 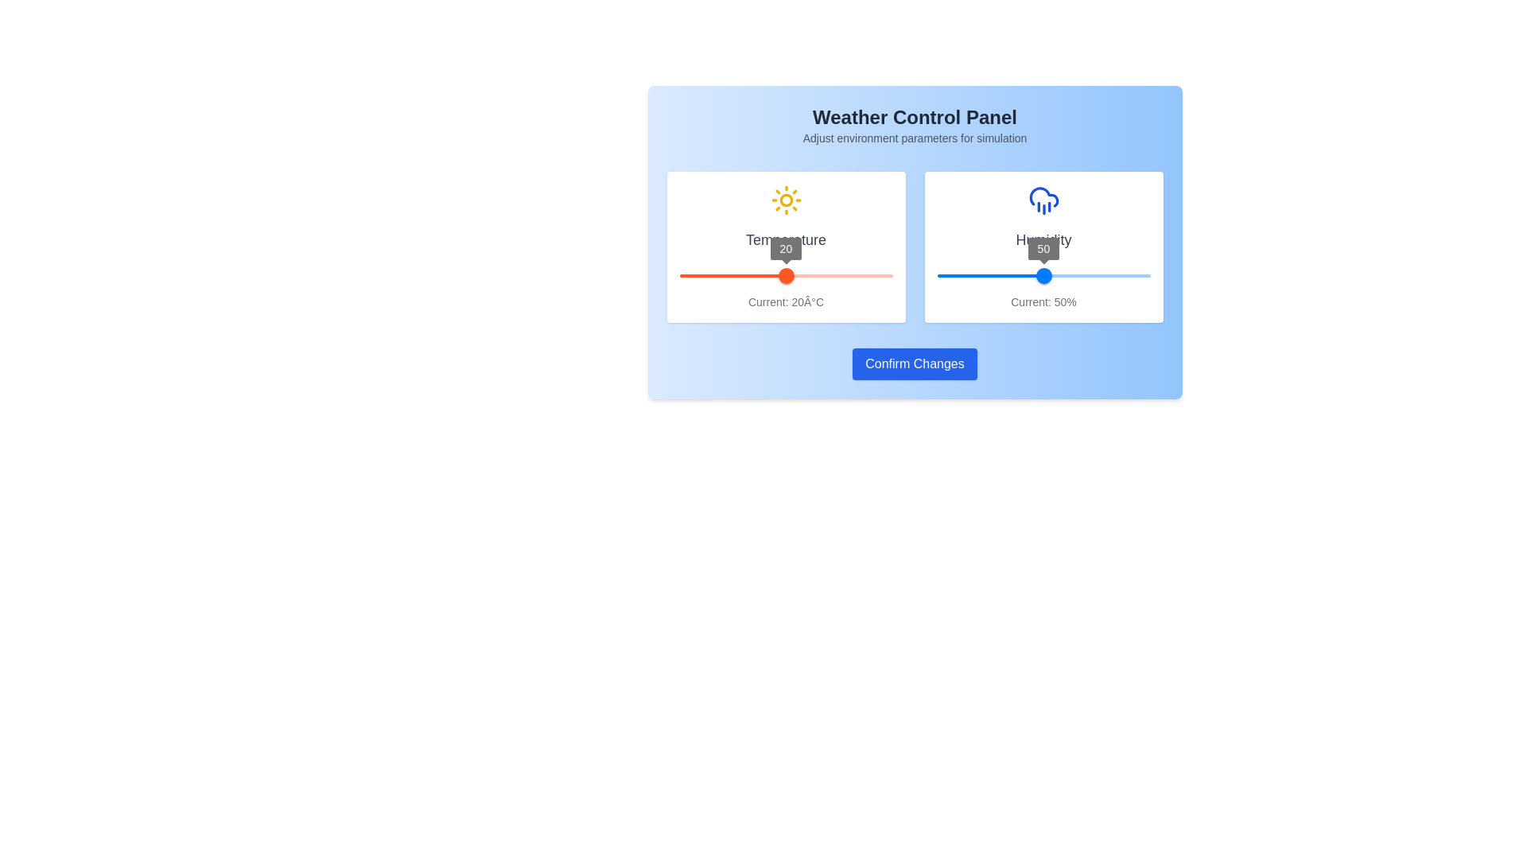 What do you see at coordinates (792, 275) in the screenshot?
I see `the temperature slider` at bounding box center [792, 275].